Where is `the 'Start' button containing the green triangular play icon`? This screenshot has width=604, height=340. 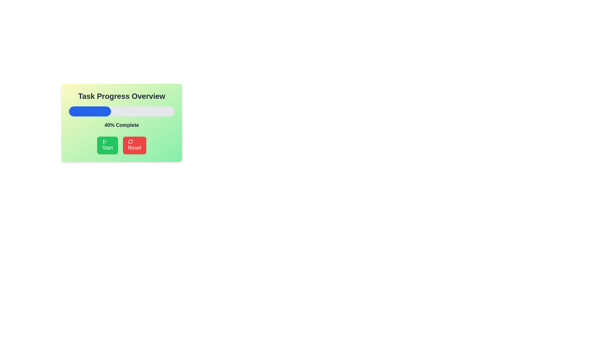 the 'Start' button containing the green triangular play icon is located at coordinates (105, 142).